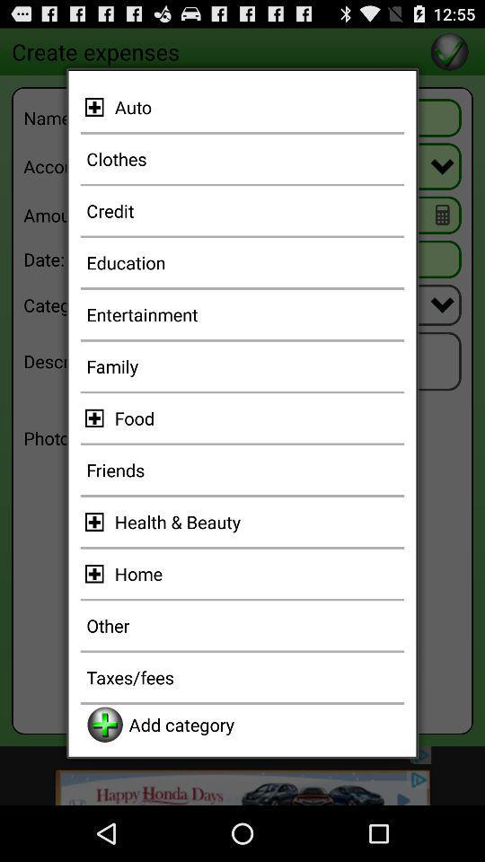  Describe the element at coordinates (97, 573) in the screenshot. I see `new home category` at that location.